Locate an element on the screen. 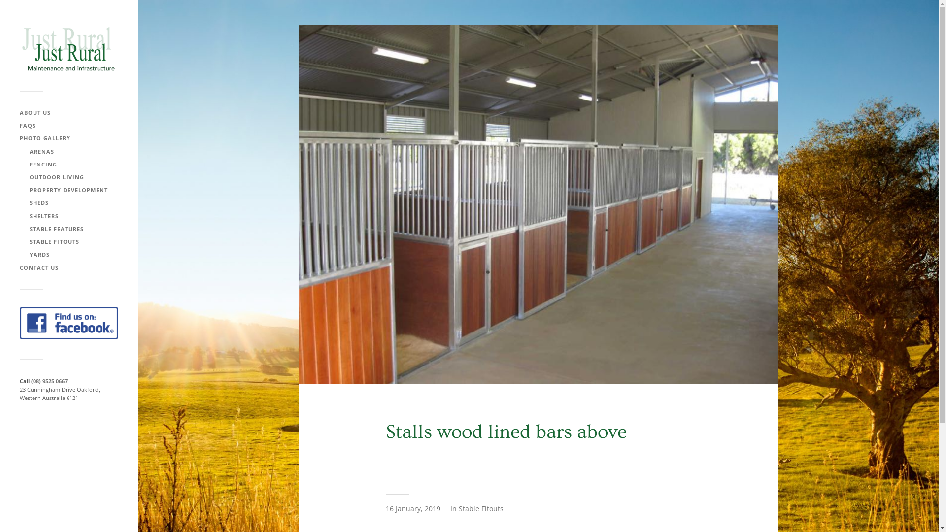  'ARENAS' is located at coordinates (41, 151).